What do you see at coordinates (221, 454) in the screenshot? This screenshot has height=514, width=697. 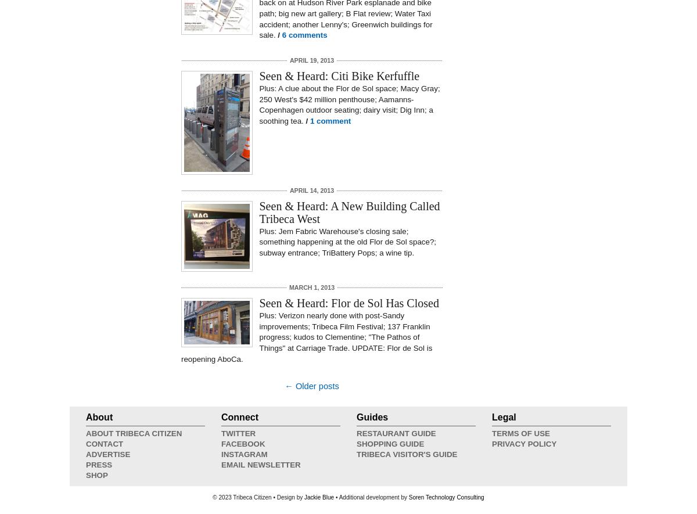 I see `'Instagram'` at bounding box center [221, 454].